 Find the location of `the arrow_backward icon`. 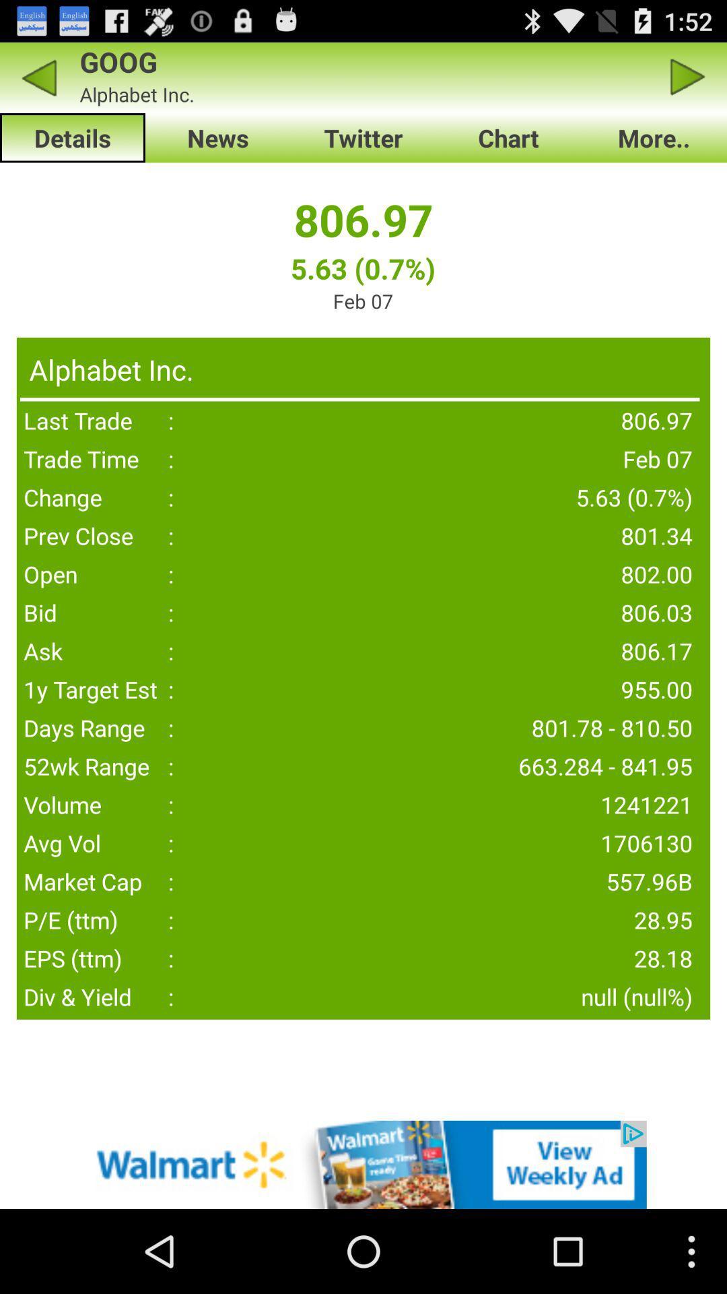

the arrow_backward icon is located at coordinates (38, 82).